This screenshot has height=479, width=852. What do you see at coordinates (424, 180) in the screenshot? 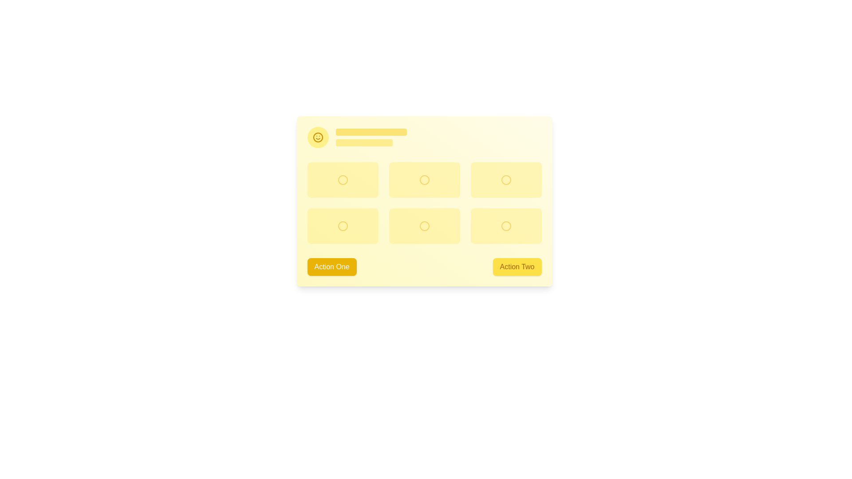
I see `the decorative status icon located in the second cell of the second row of a three-row grid` at bounding box center [424, 180].